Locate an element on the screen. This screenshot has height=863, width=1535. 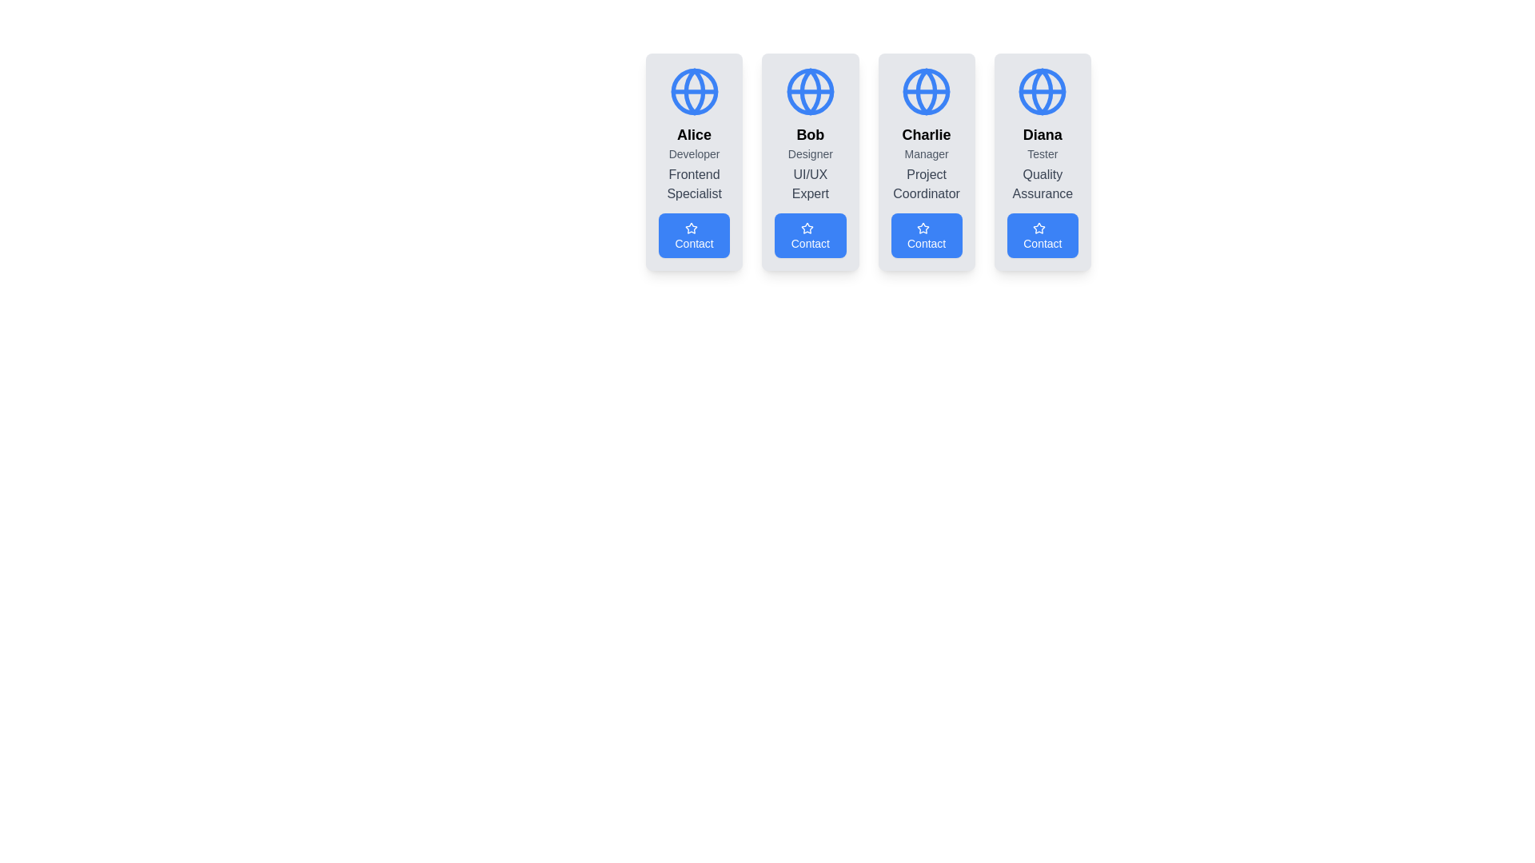
the star-shaped SVG icon styled with blue color located within the 'Contact' button in the second column labeled 'Bob' is located at coordinates (807, 229).